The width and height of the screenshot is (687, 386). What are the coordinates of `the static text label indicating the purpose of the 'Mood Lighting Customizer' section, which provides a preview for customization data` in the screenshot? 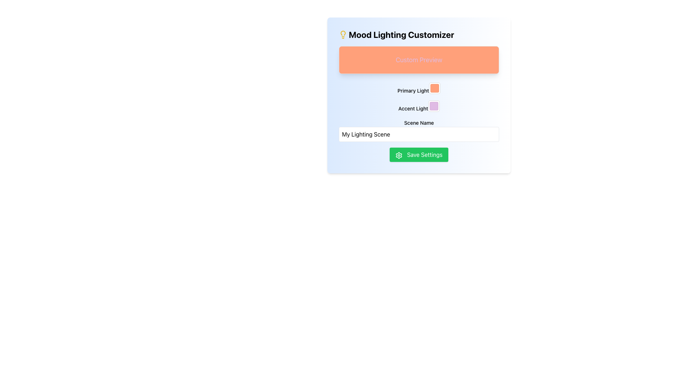 It's located at (419, 60).